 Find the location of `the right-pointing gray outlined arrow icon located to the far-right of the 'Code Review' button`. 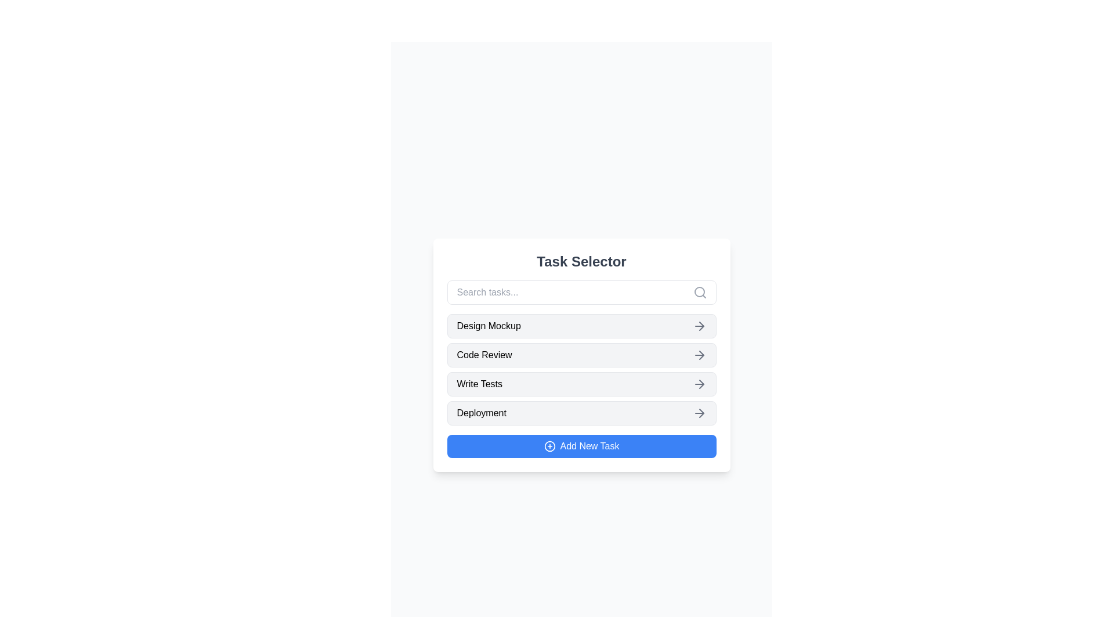

the right-pointing gray outlined arrow icon located to the far-right of the 'Code Review' button is located at coordinates (699, 355).